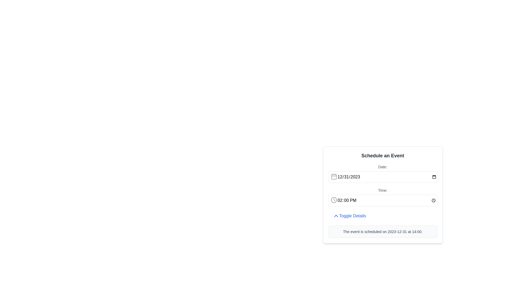  I want to click on the text input field adjacent to the calendar icon, so click(333, 177).